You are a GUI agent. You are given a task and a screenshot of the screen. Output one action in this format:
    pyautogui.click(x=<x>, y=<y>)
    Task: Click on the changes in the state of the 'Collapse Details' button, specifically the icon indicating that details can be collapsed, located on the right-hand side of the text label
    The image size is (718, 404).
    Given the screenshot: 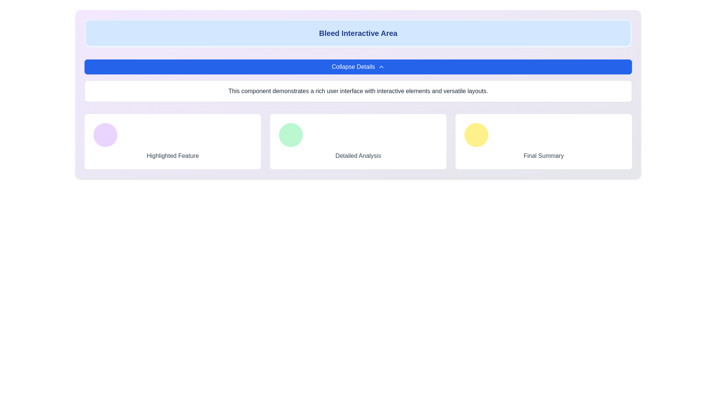 What is the action you would take?
    pyautogui.click(x=381, y=66)
    